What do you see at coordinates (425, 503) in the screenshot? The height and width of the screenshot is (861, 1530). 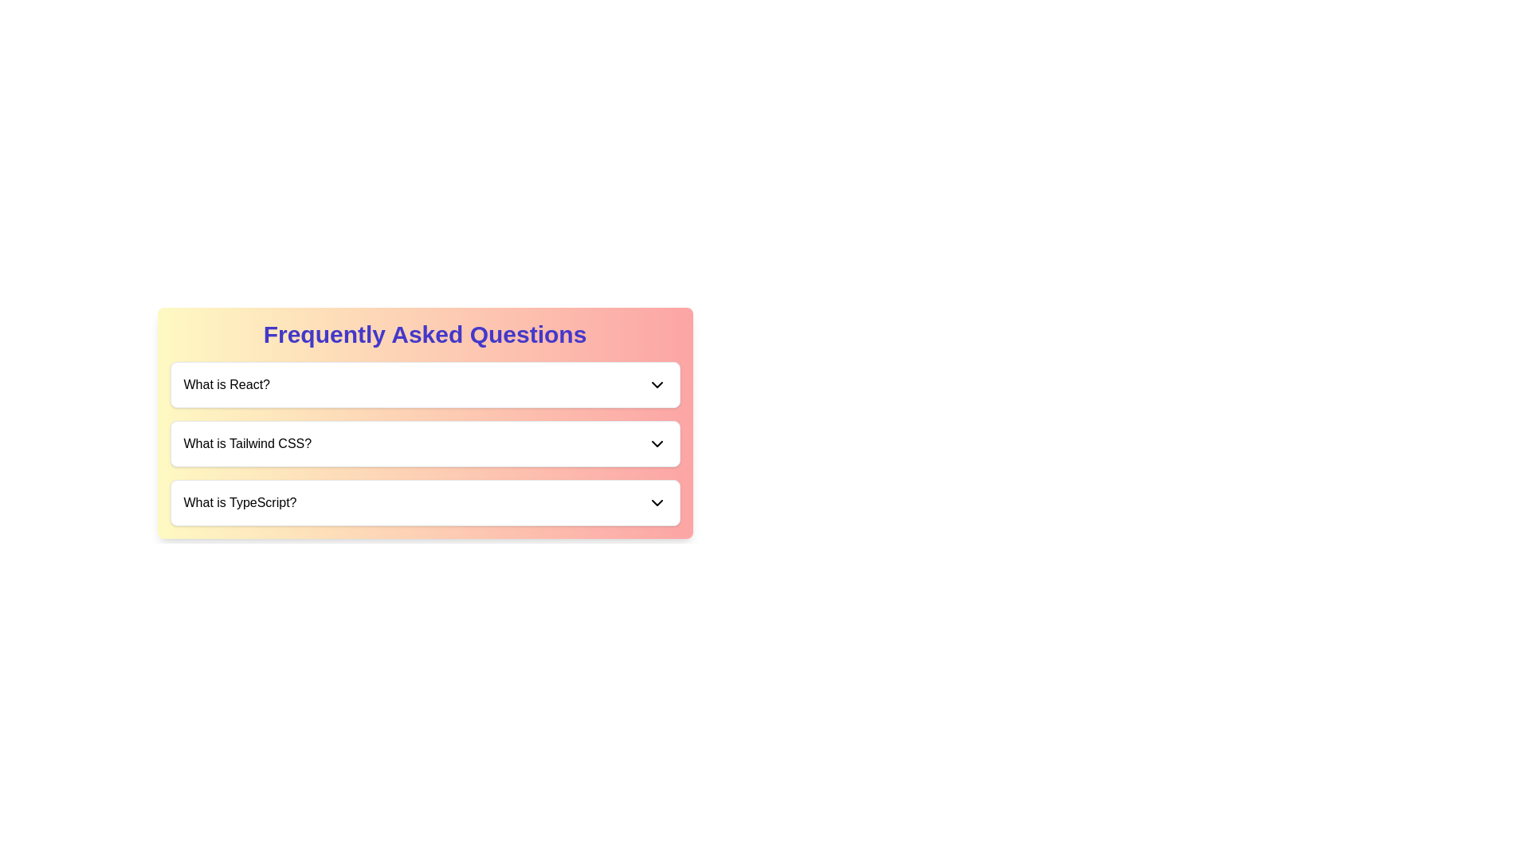 I see `the third collapsible menu item in the 'Frequently Asked Questions' section` at bounding box center [425, 503].